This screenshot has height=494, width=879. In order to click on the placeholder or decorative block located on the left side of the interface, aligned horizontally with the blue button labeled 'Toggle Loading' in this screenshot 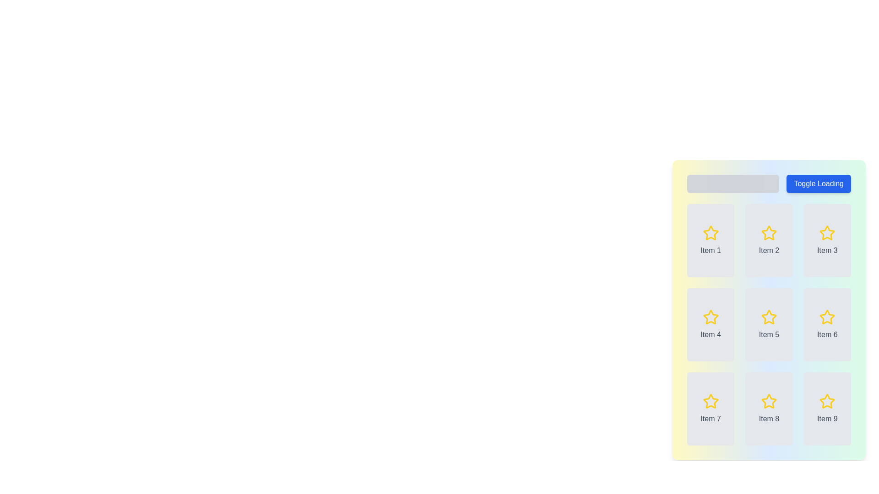, I will do `click(733, 183)`.